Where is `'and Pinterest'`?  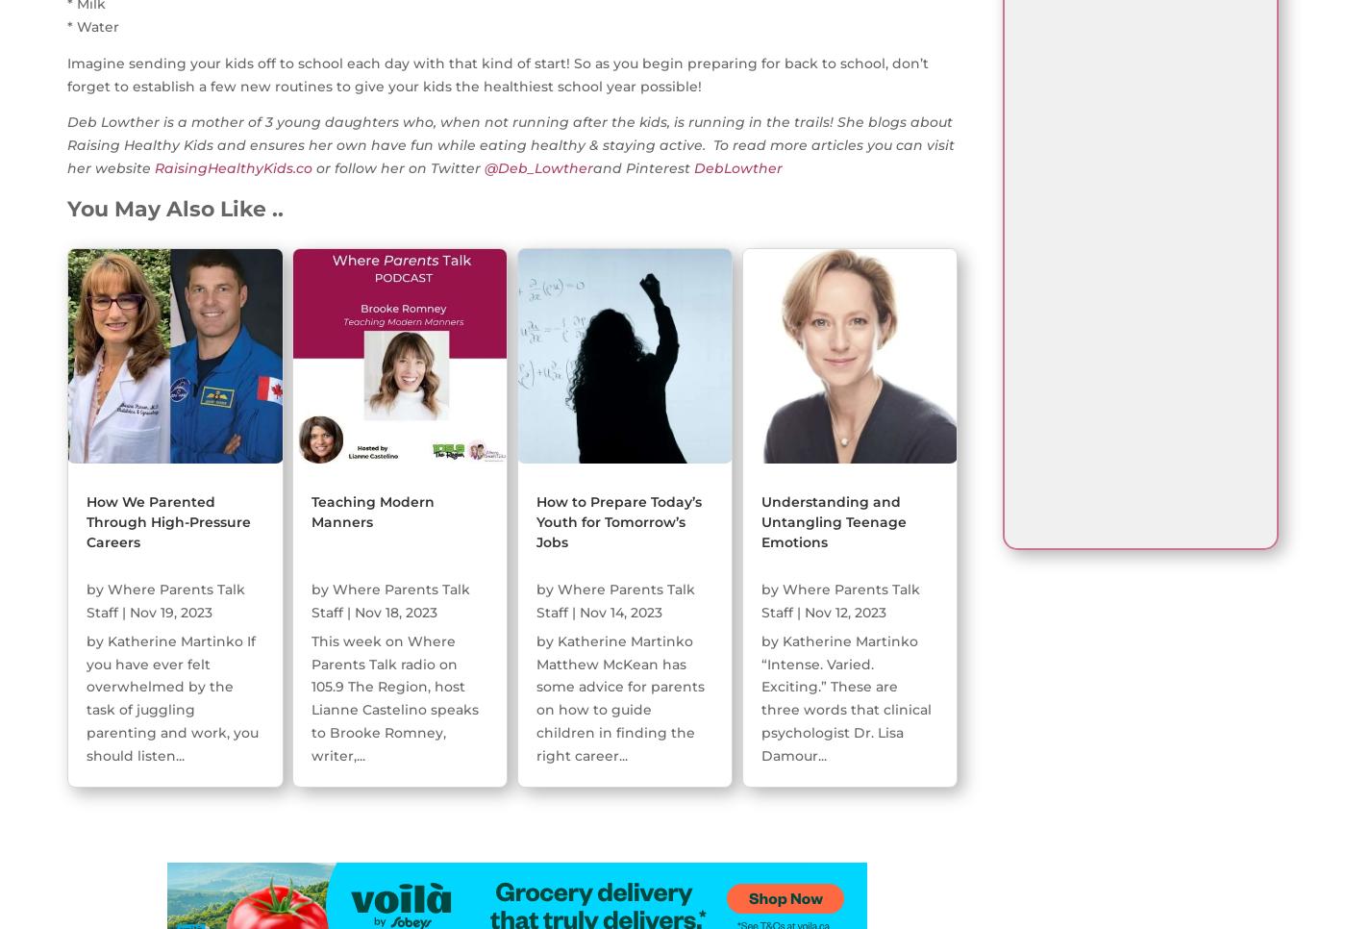
'and Pinterest' is located at coordinates (643, 168).